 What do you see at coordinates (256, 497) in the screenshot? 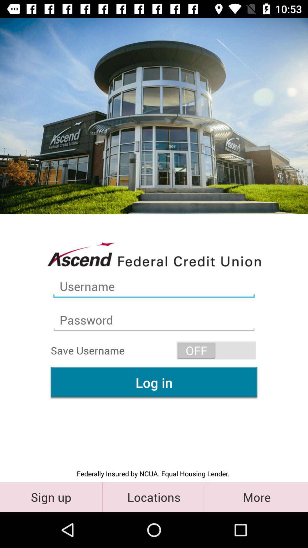
I see `more icon` at bounding box center [256, 497].